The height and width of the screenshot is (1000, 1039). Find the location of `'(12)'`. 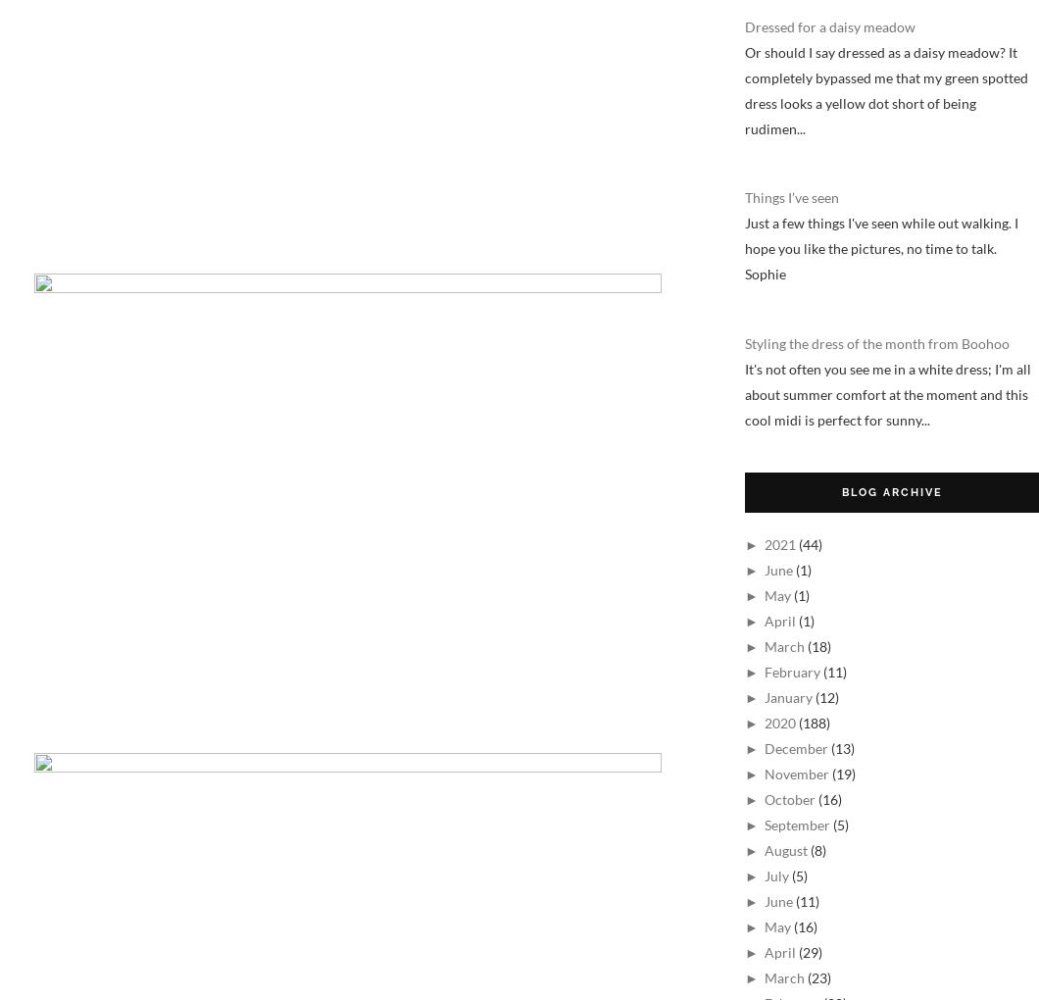

'(12)' is located at coordinates (826, 696).